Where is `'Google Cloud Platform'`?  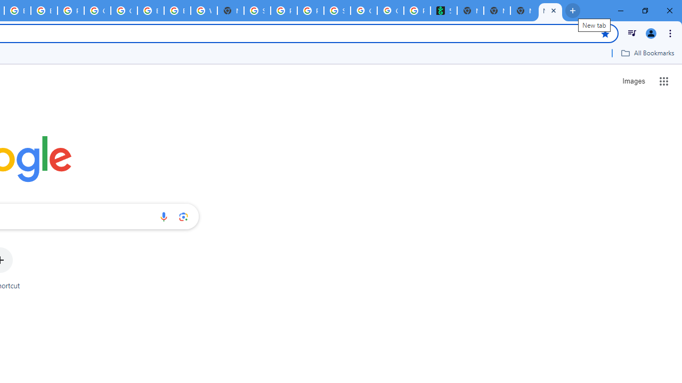
'Google Cloud Platform' is located at coordinates (98, 11).